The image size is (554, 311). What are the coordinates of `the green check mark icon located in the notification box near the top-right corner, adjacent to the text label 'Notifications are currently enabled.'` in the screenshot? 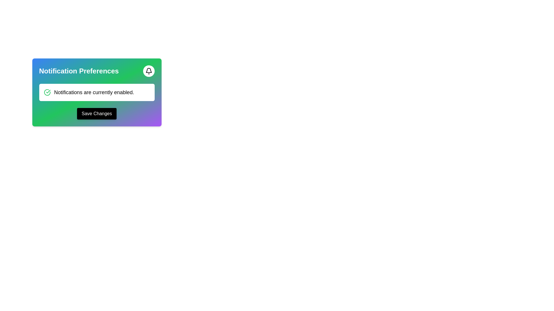 It's located at (48, 91).